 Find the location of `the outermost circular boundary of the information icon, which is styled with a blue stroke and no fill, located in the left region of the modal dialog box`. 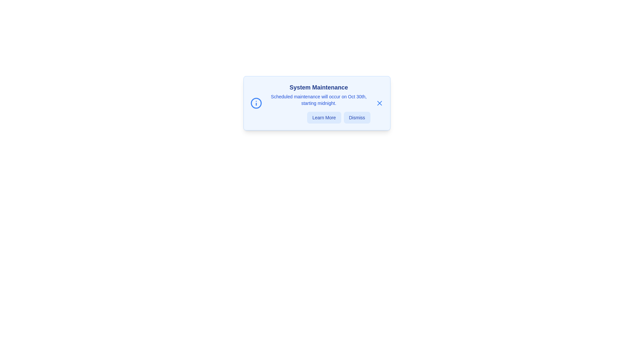

the outermost circular boundary of the information icon, which is styled with a blue stroke and no fill, located in the left region of the modal dialog box is located at coordinates (256, 103).